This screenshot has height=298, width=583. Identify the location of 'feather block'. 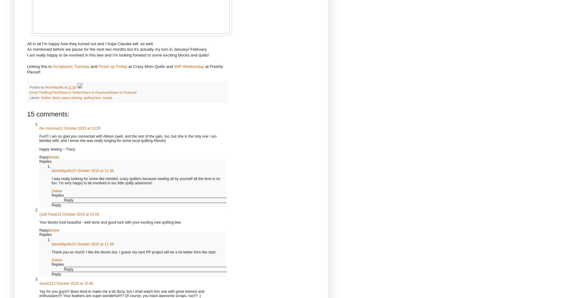
(50, 97).